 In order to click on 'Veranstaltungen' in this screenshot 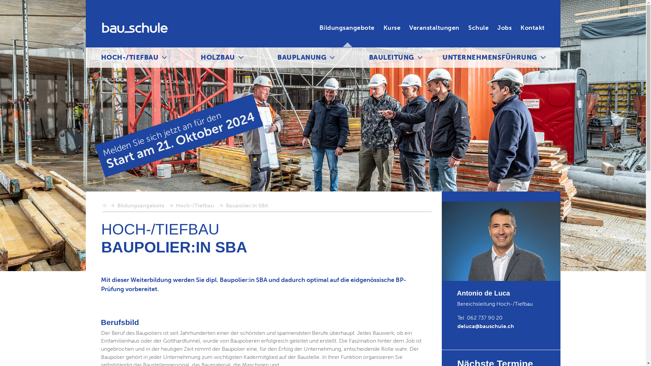, I will do `click(434, 27)`.